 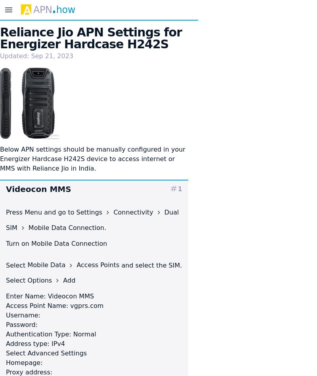 What do you see at coordinates (91, 38) in the screenshot?
I see `'Reliance Jio APN Settings for Energizer Hardcase H242S'` at bounding box center [91, 38].